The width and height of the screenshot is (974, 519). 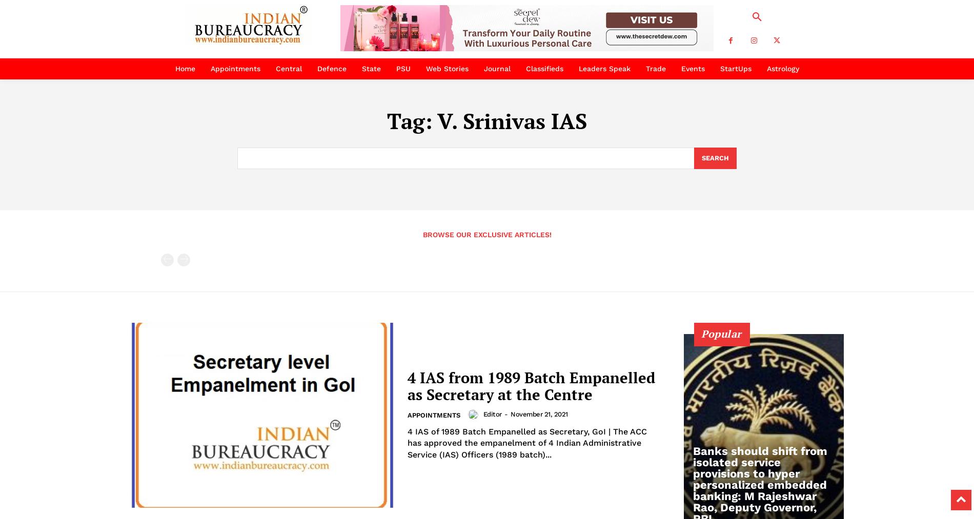 What do you see at coordinates (604, 69) in the screenshot?
I see `'Leaders Speak'` at bounding box center [604, 69].